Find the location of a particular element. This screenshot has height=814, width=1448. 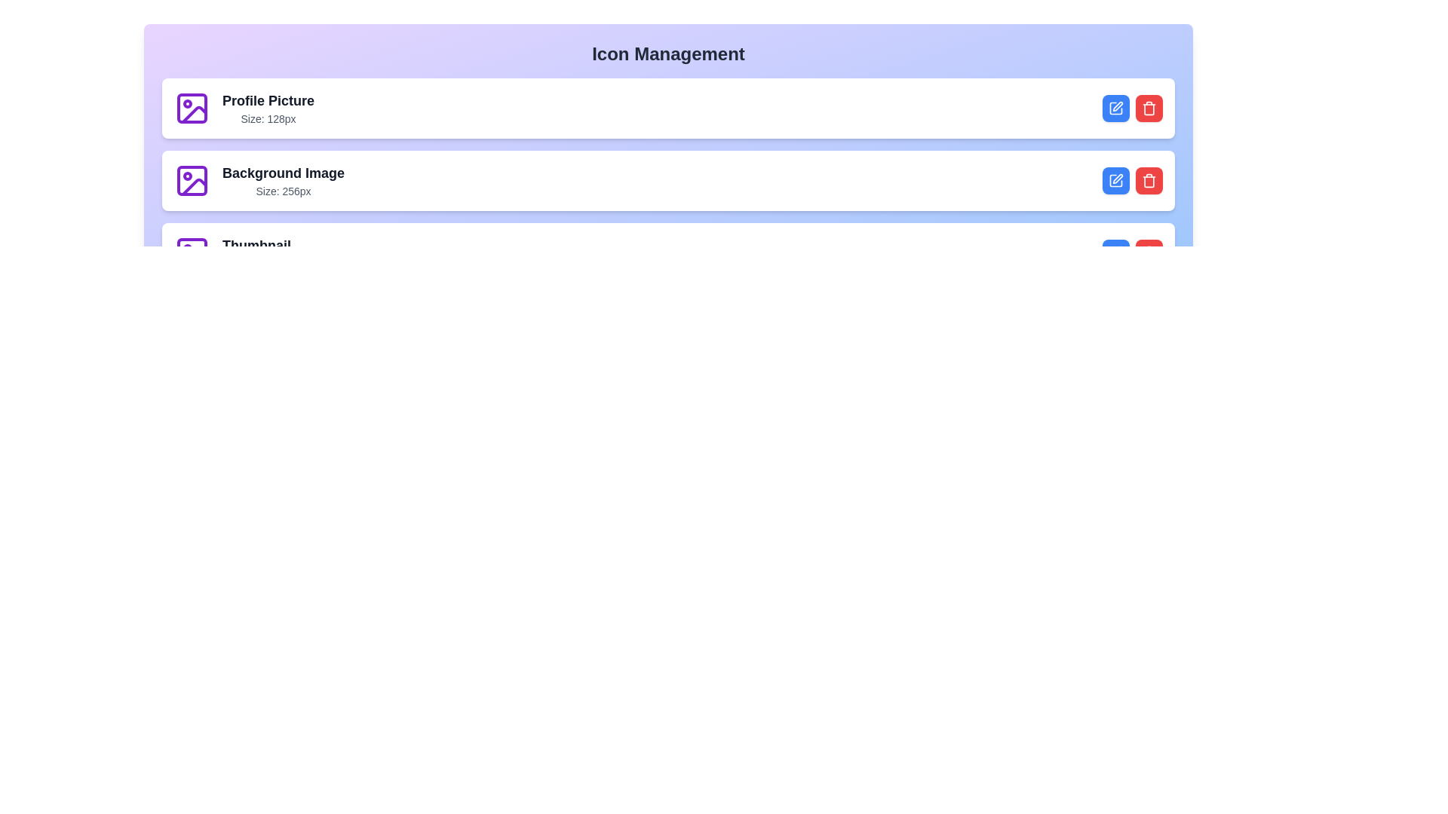

text label that identifies the 'Thumbnail' listing, located in the bottom section of a group of items, specifically above the text 'Size: 64px' is located at coordinates (256, 245).